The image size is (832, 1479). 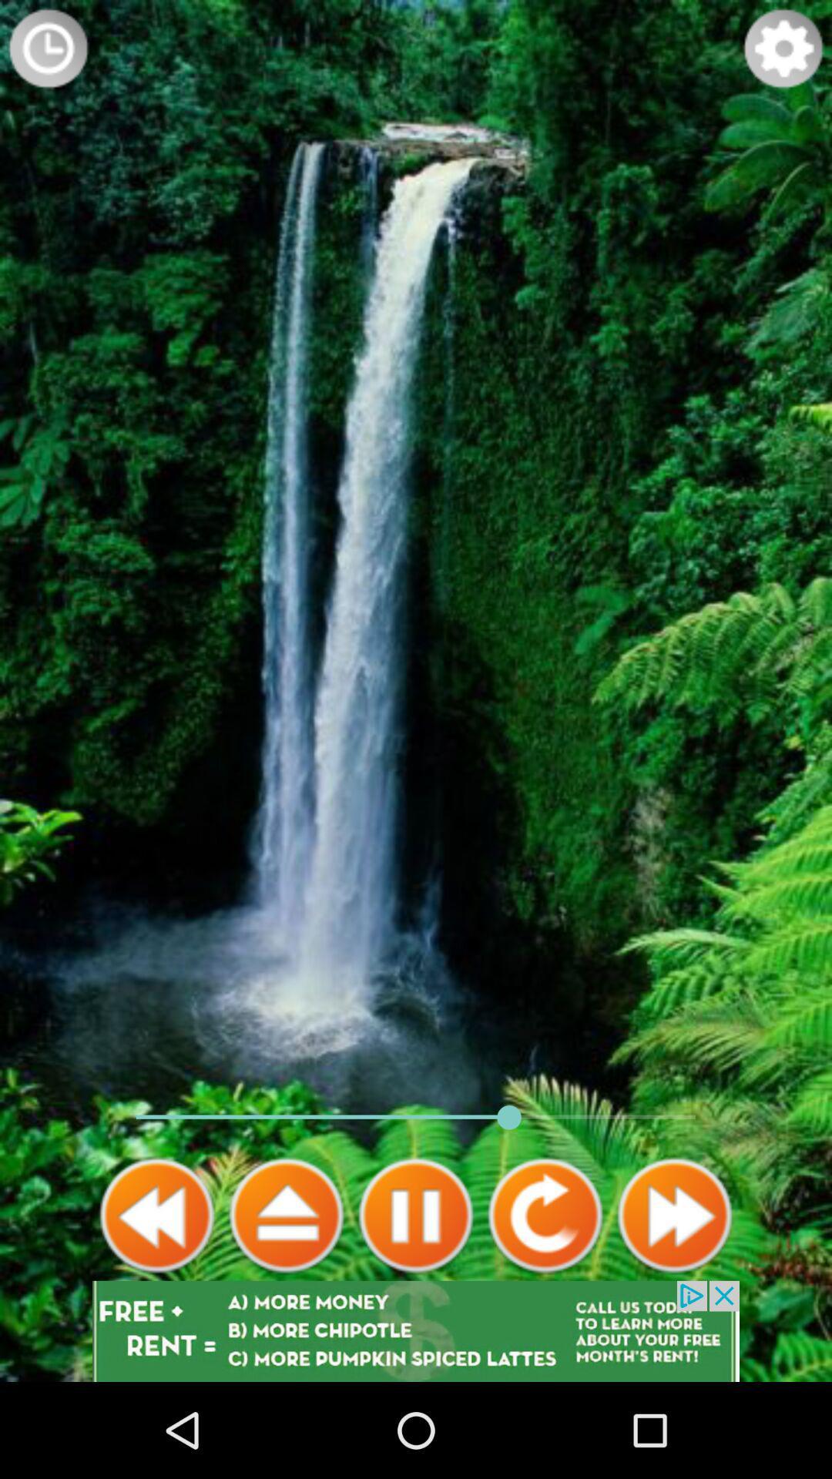 I want to click on next song, so click(x=673, y=1215).